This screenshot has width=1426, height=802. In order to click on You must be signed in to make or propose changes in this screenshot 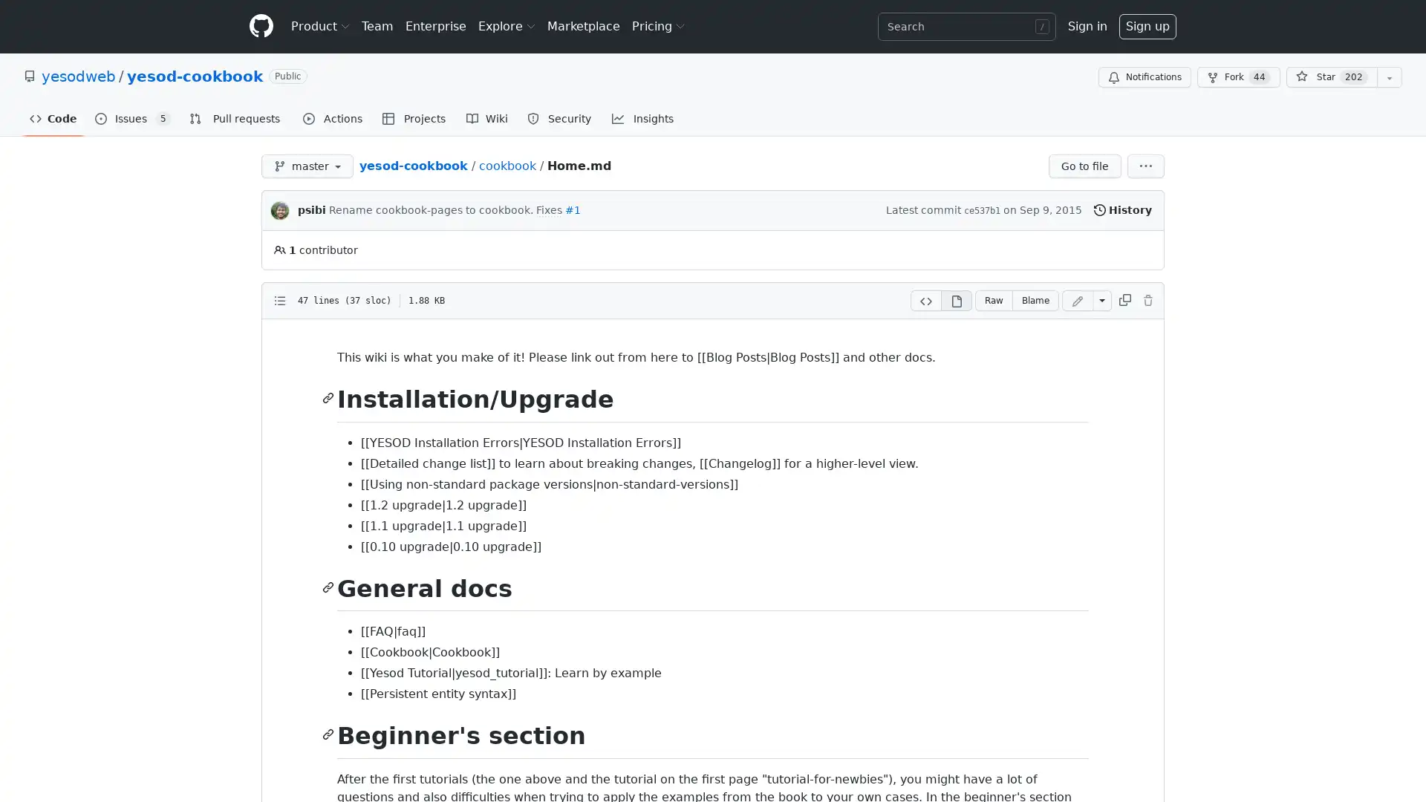, I will do `click(1147, 301)`.